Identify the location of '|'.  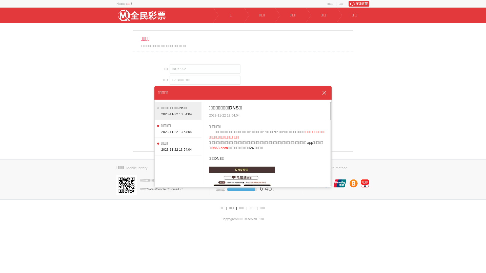
(256, 208).